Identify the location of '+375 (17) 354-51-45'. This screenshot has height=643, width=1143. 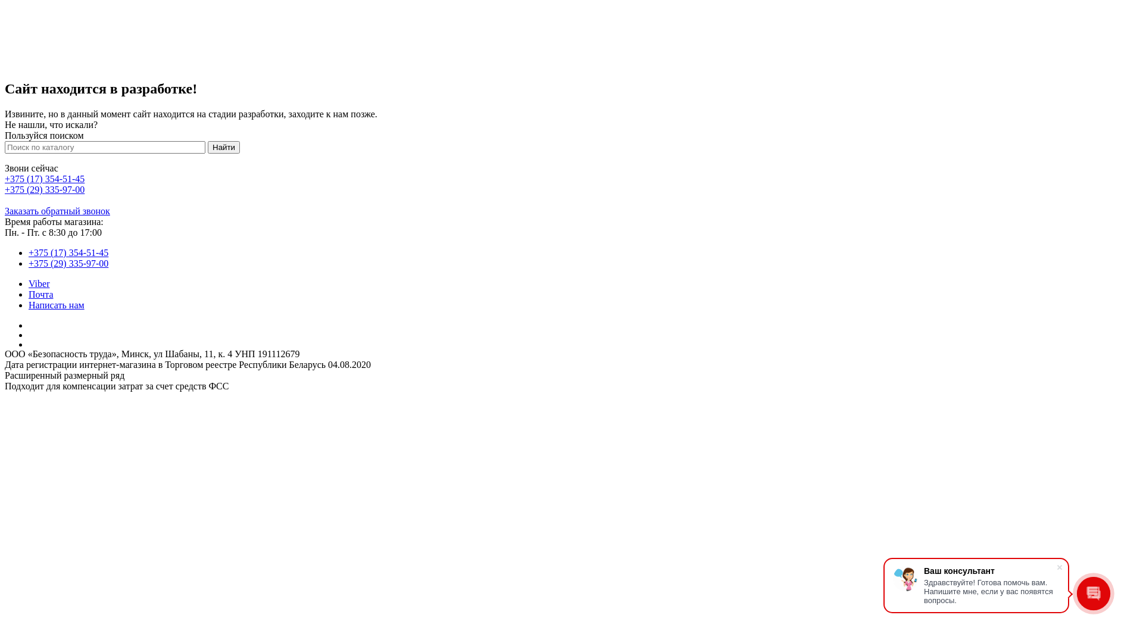
(68, 252).